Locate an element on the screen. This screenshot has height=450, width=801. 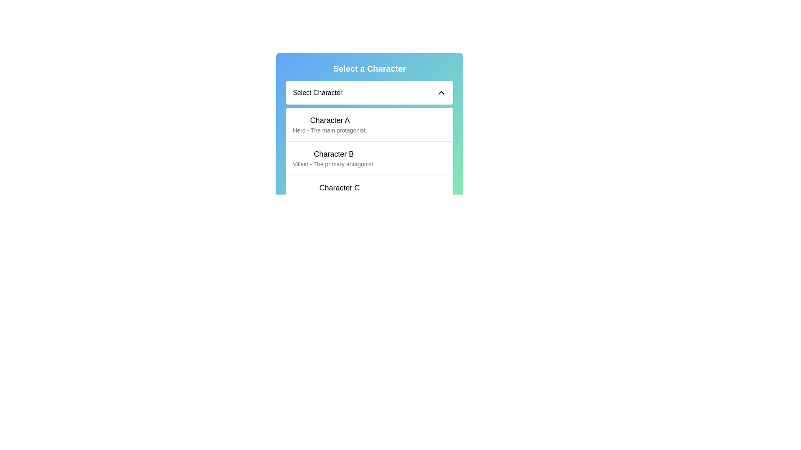
the first selectable list item titled 'Character A' with the description 'Hero - The main protagonist.' is located at coordinates (330, 125).